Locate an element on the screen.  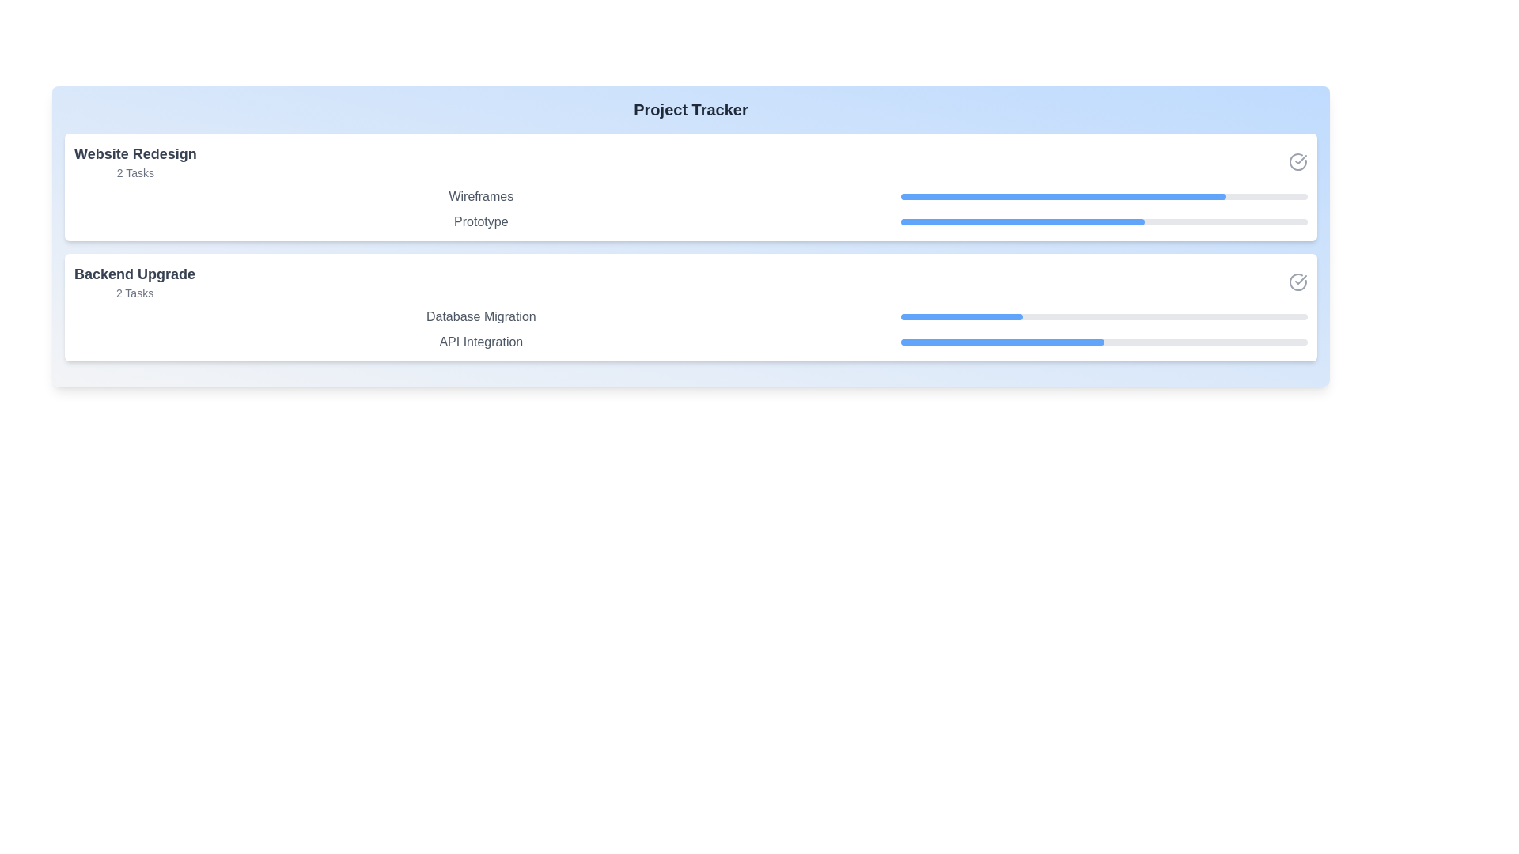
the blue progress bar segment that represents the currently filled section of the 'Backend Upgrade' tasks, specifically aligned with 'Database Migration' is located at coordinates (960, 317).